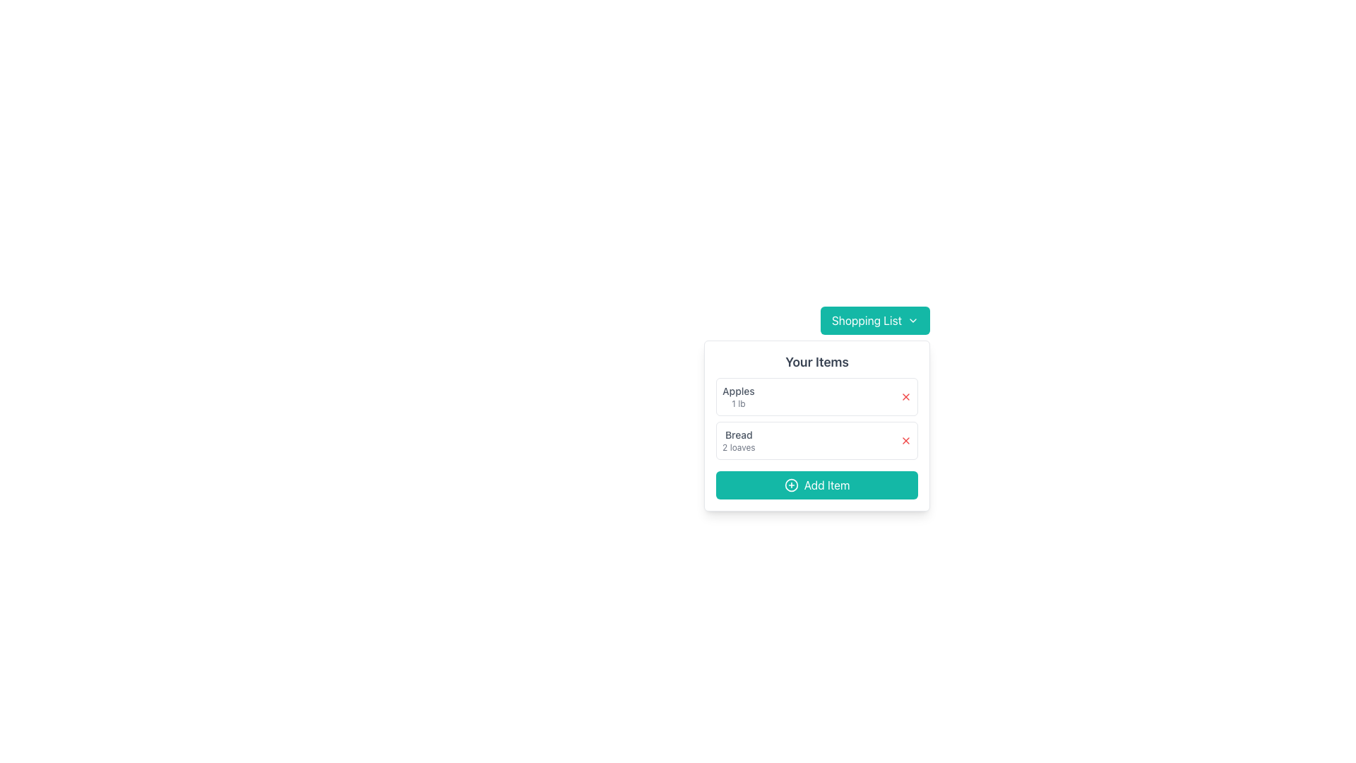  What do you see at coordinates (817, 440) in the screenshot?
I see `the details of the second item in the shopping list, which is located below 'Apples 1 lb' and above the 'Add Item' button` at bounding box center [817, 440].